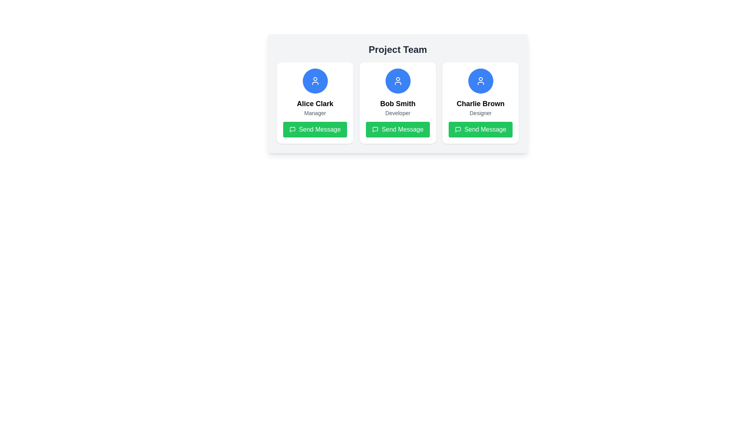  I want to click on the user profile icon representing 'Alice Clark' located within the blue circular background on the leftmost card under the 'Project Team' header, positioned above the text 'Alice Clark Manager', so click(315, 81).